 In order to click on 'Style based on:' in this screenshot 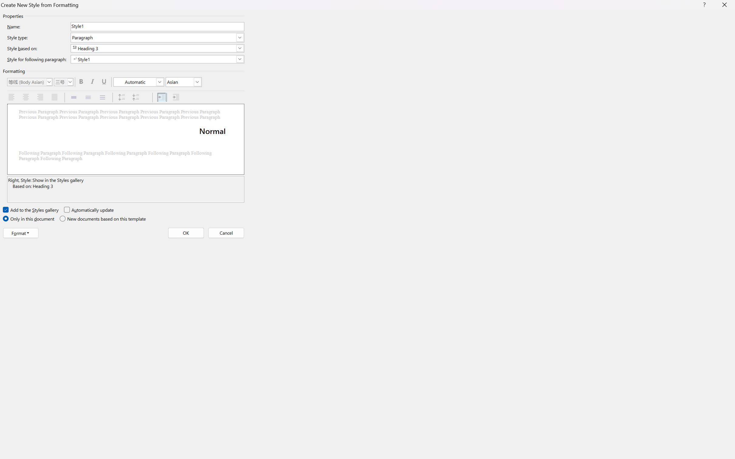, I will do `click(157, 48)`.